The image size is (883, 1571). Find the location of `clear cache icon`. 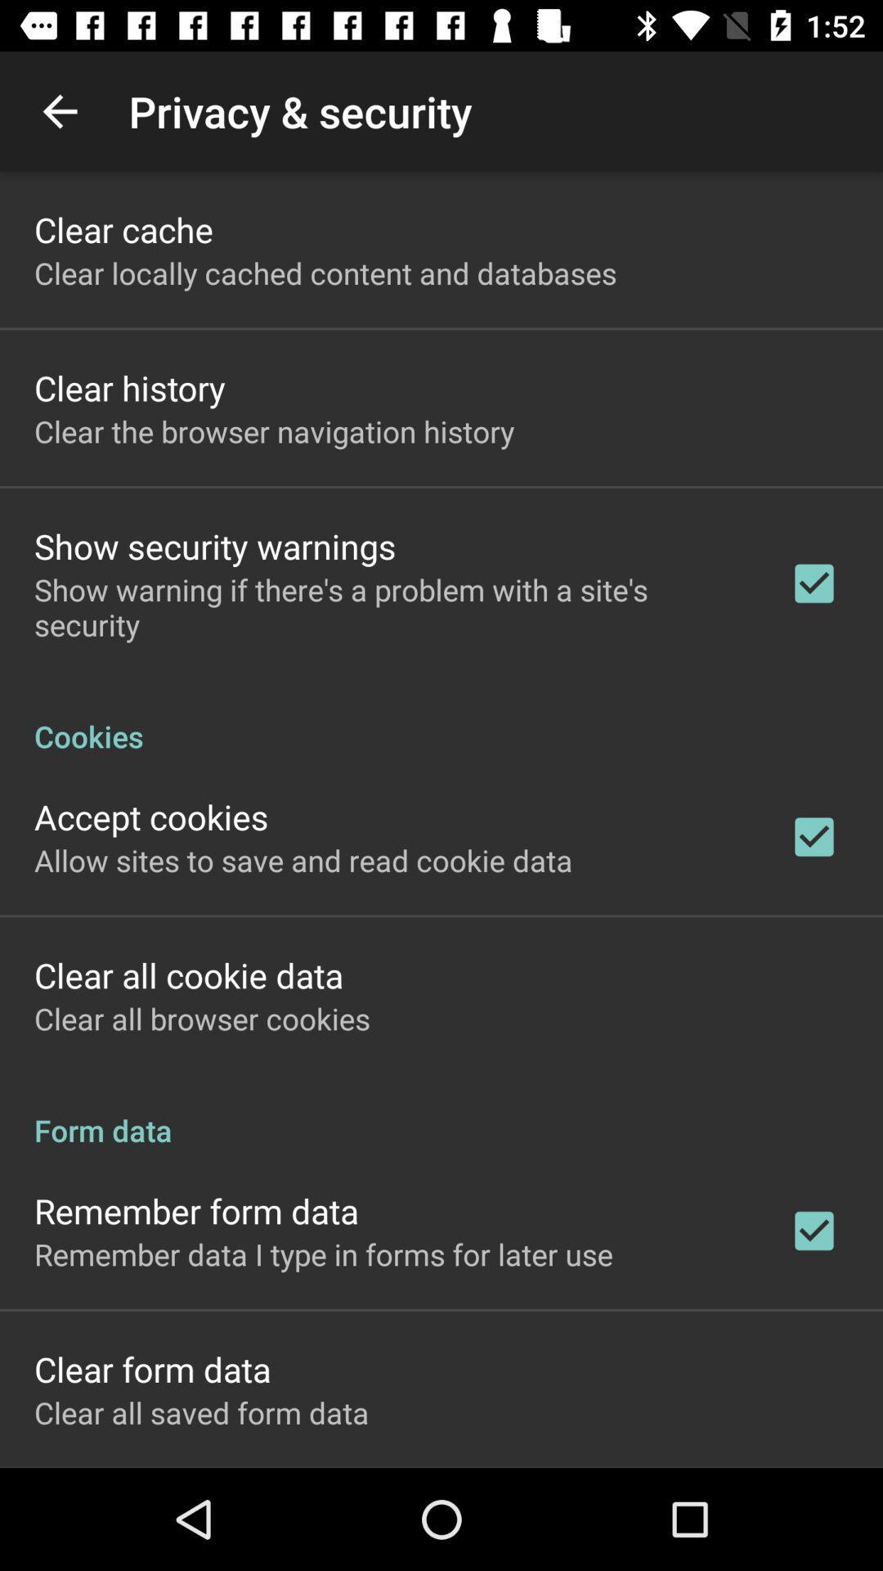

clear cache icon is located at coordinates (123, 228).